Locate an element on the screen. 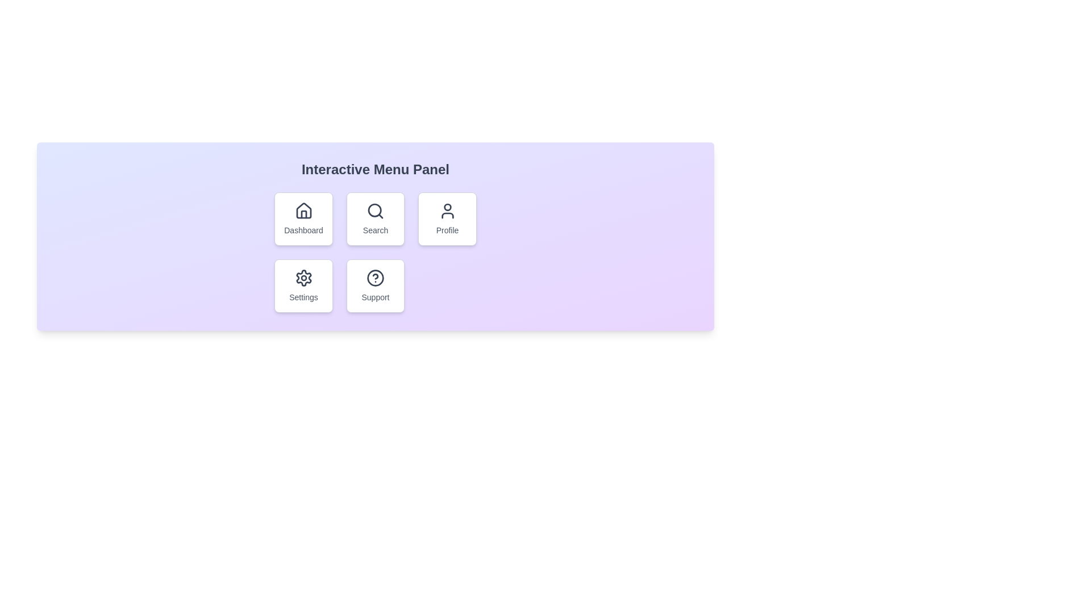 The width and height of the screenshot is (1091, 613). text label displaying 'Support' in gray color located at the bottom part of a UI component with a white background and a help icon above it is located at coordinates (376, 297).